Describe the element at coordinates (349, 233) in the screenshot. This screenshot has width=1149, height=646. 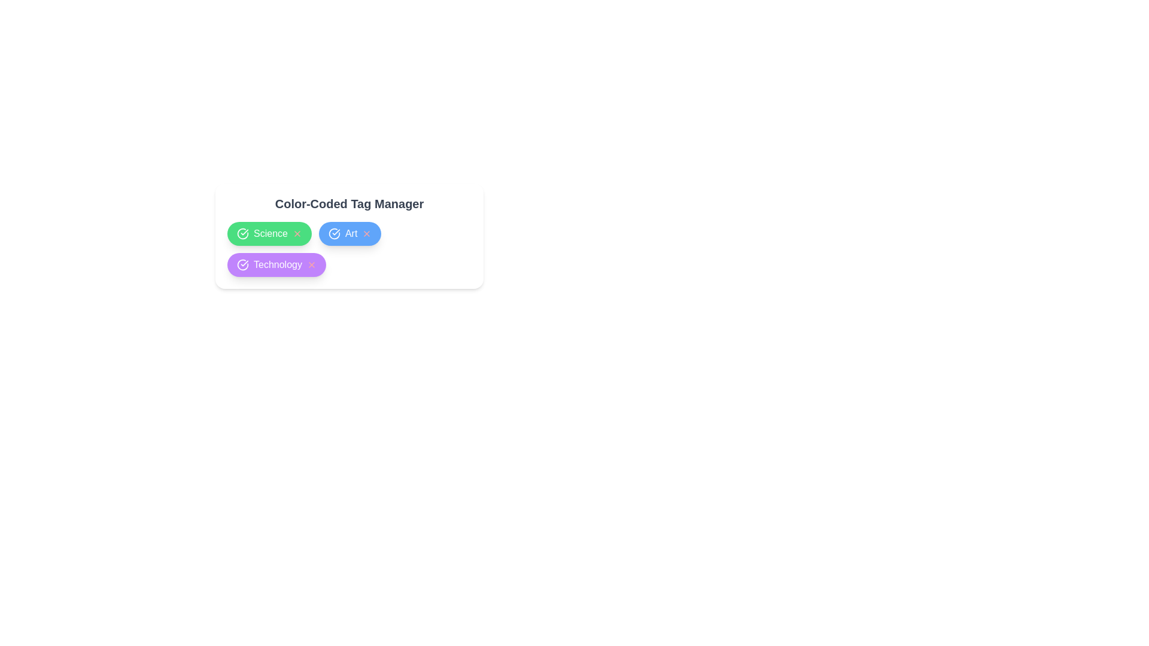
I see `the tag Art to see the hover effect` at that location.